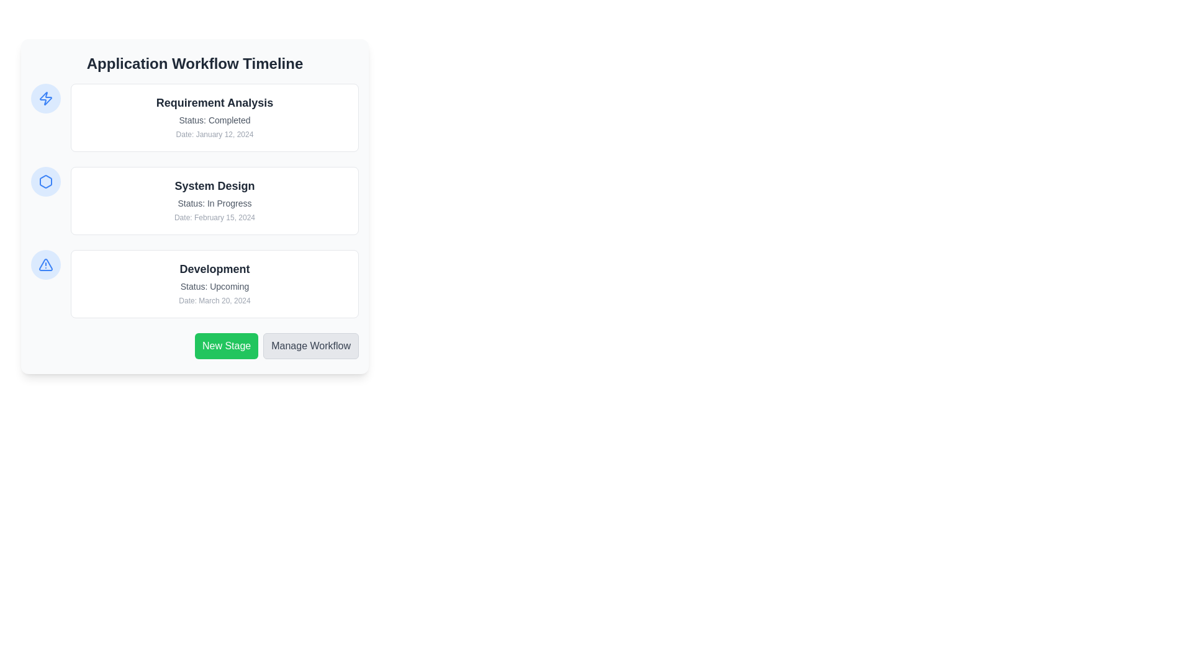 This screenshot has width=1192, height=670. I want to click on the 'Development' Informational card, which is the third item in the workflow list, so click(214, 284).